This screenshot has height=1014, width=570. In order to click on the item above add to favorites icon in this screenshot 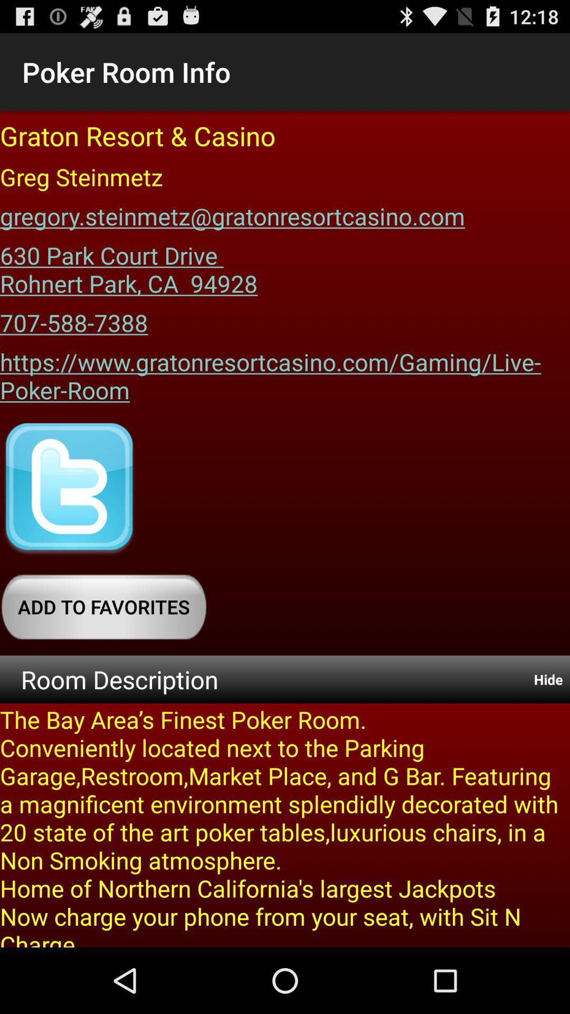, I will do `click(69, 489)`.